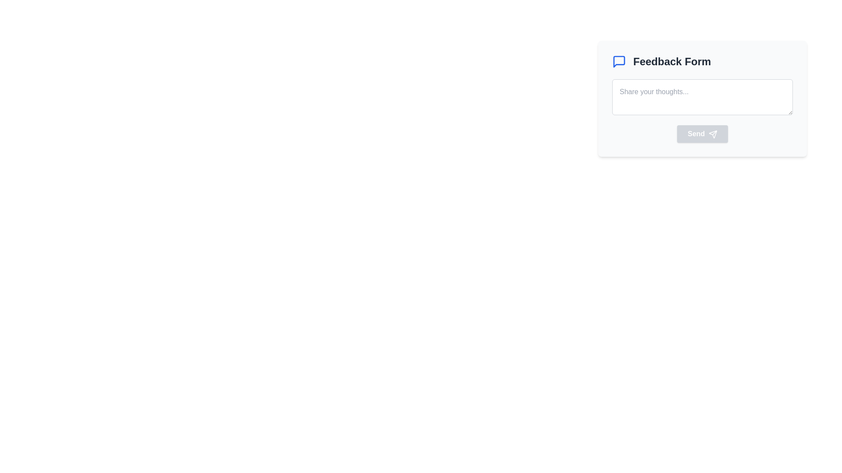 The height and width of the screenshot is (473, 842). Describe the element at coordinates (703, 134) in the screenshot. I see `the 'Send' button, which is a rectangular button with rounded corners, a gray background, and bold white text, positioned below the 'Share your thoughts...' input box in the 'Feedback Form' card` at that location.